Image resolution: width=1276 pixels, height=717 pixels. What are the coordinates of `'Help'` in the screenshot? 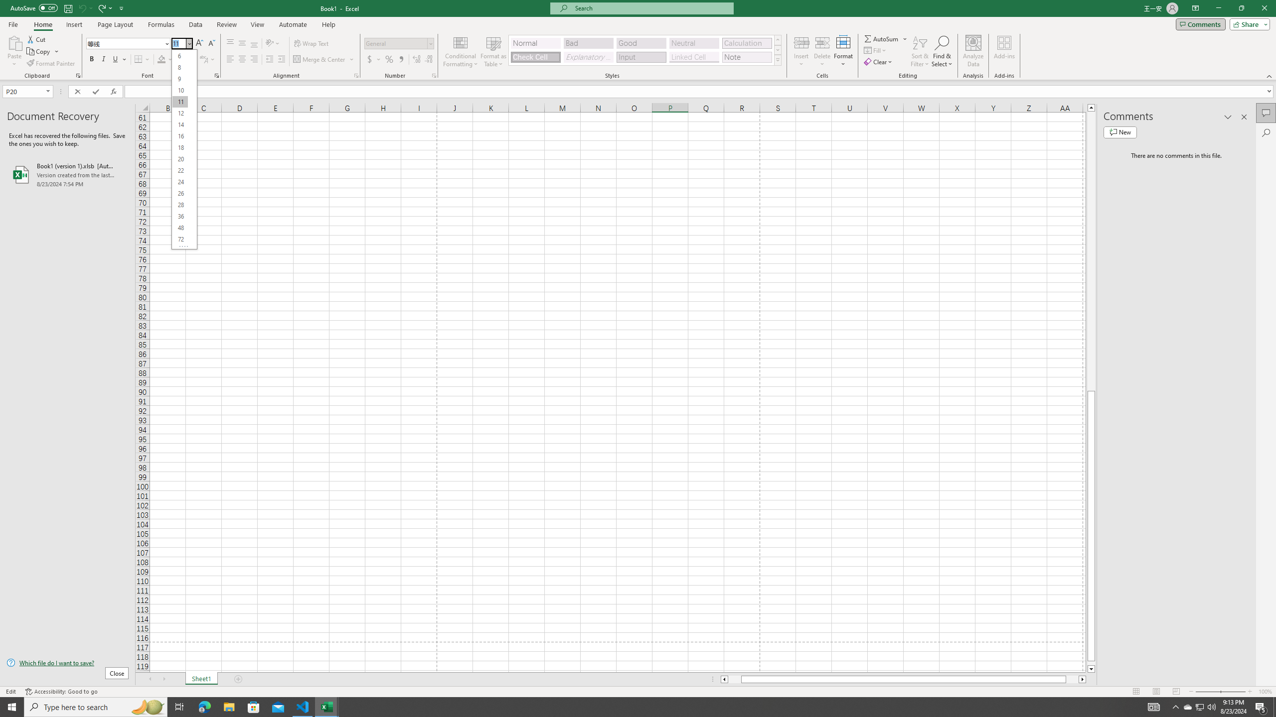 It's located at (328, 24).